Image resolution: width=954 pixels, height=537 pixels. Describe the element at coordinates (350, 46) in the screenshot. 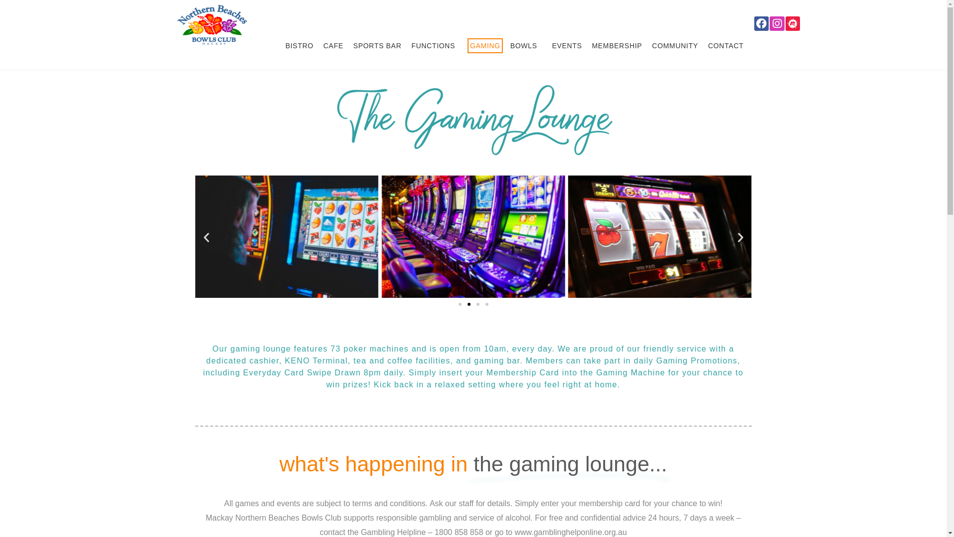

I see `'SPORTS BAR'` at that location.